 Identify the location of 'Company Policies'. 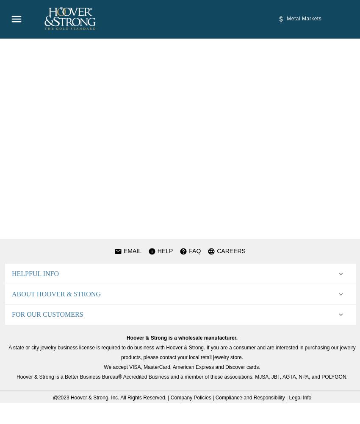
(190, 398).